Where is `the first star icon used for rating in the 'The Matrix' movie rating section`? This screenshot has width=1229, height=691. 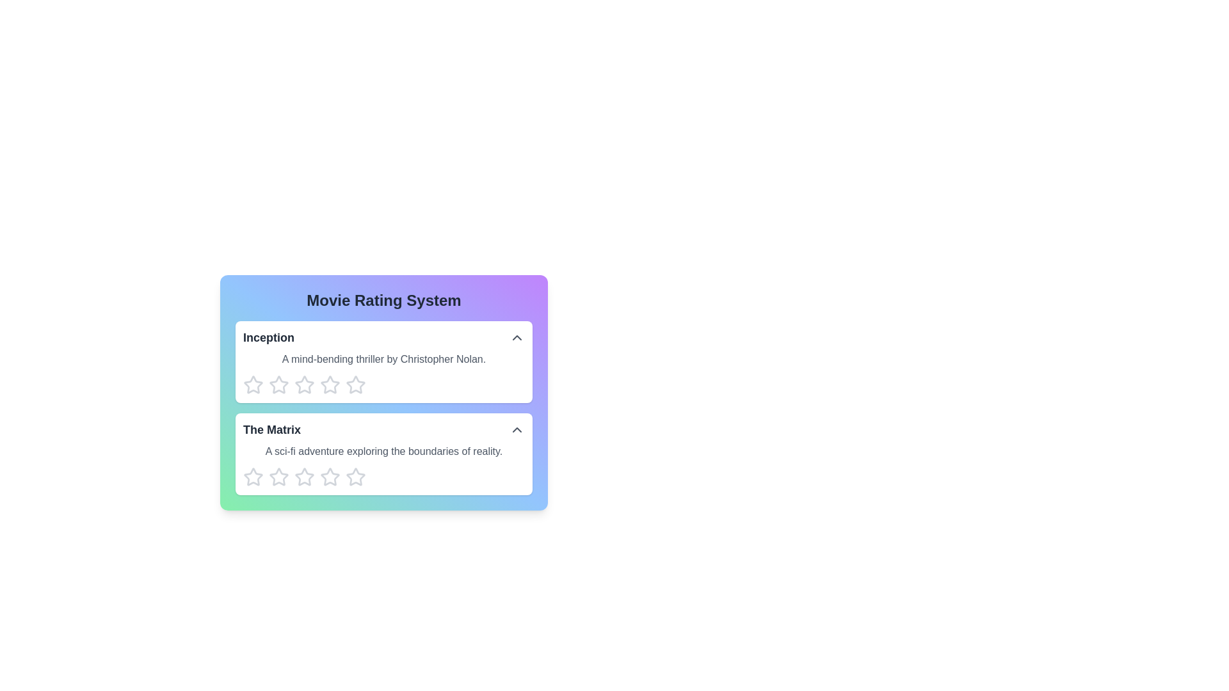
the first star icon used for rating in the 'The Matrix' movie rating section is located at coordinates (278, 477).